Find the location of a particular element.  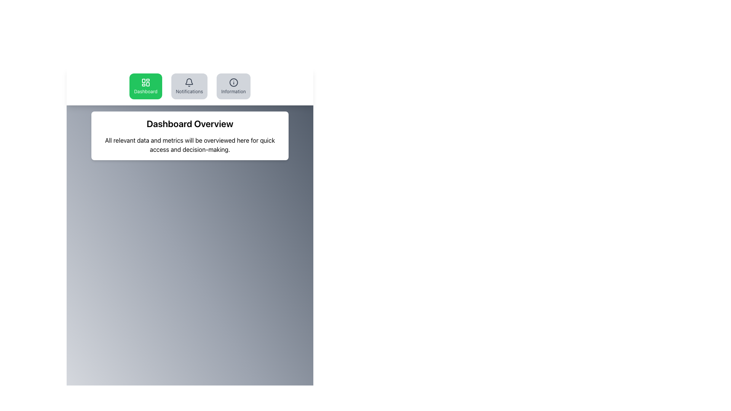

the small text label displaying the word 'Information' in light-gray font, located below an icon within a rounded rectangular card with a gray background is located at coordinates (233, 91).